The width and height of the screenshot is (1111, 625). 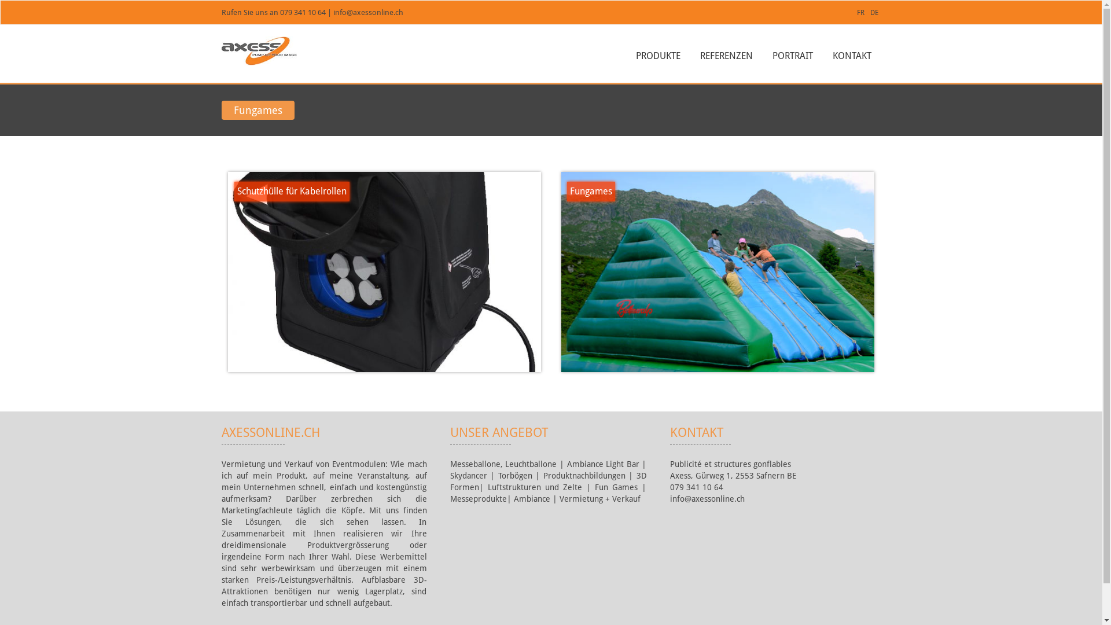 What do you see at coordinates (860, 13) in the screenshot?
I see `'FR'` at bounding box center [860, 13].